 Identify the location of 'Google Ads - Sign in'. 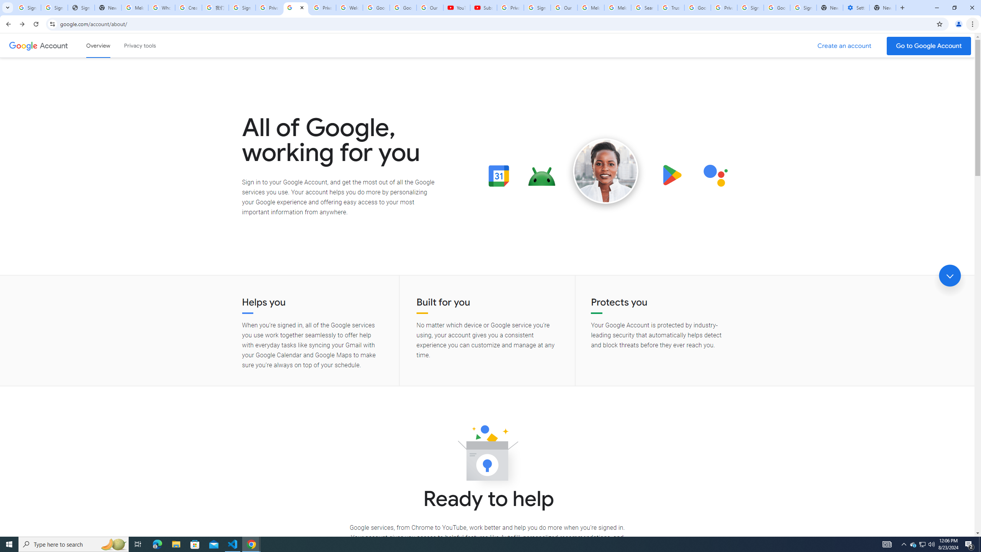
(697, 7).